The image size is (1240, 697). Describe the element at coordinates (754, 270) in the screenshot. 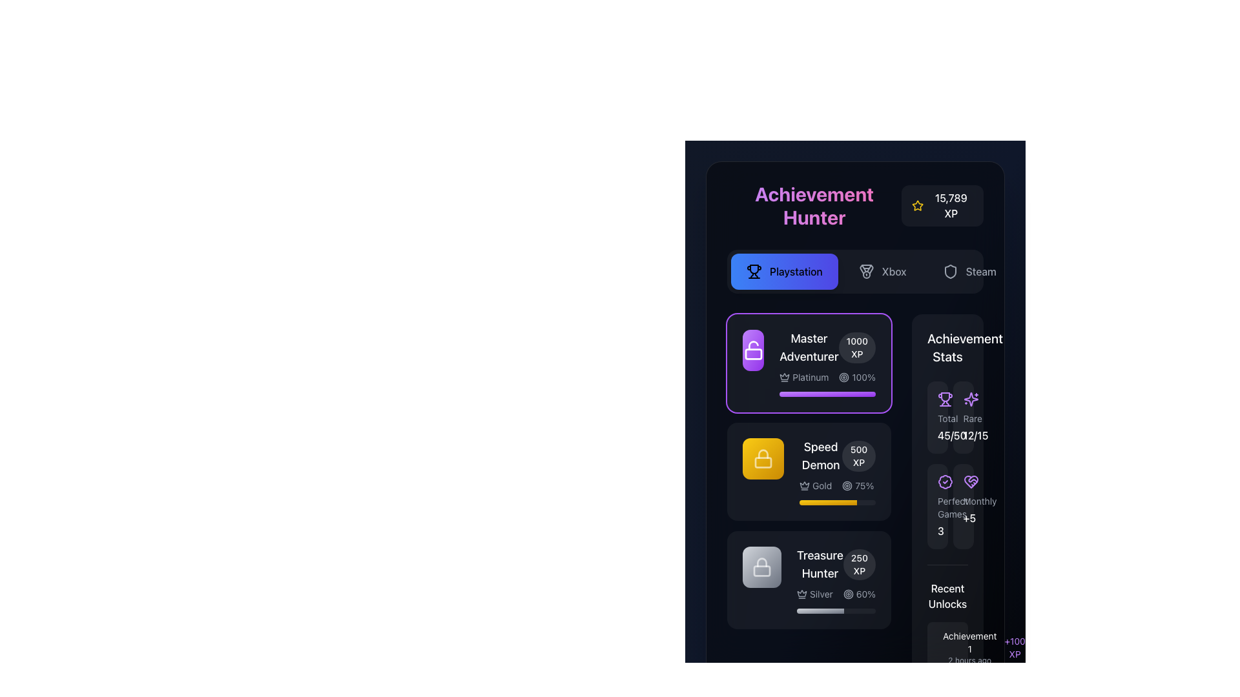

I see `the 'playstation' SVG icon located inside the button in the first row of options under the header 'Achievement Hunter'` at that location.